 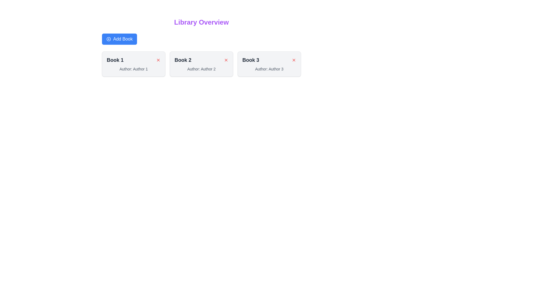 I want to click on text label displaying 'Author: Author 1' located in the top-left card for 'Book 1', so click(x=133, y=69).